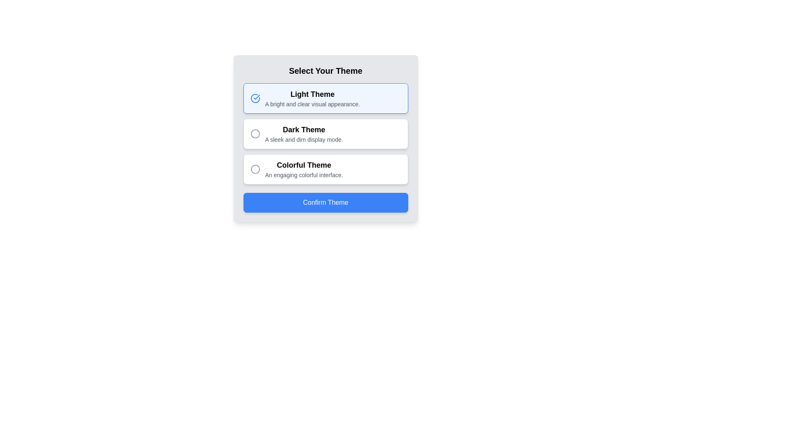  I want to click on the unselected 'Colorful Theme' radio button indicator, so click(255, 169).